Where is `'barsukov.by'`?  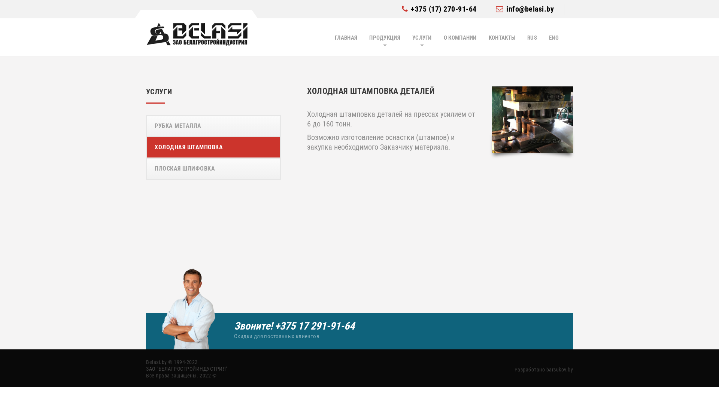
'barsukov.by' is located at coordinates (559, 369).